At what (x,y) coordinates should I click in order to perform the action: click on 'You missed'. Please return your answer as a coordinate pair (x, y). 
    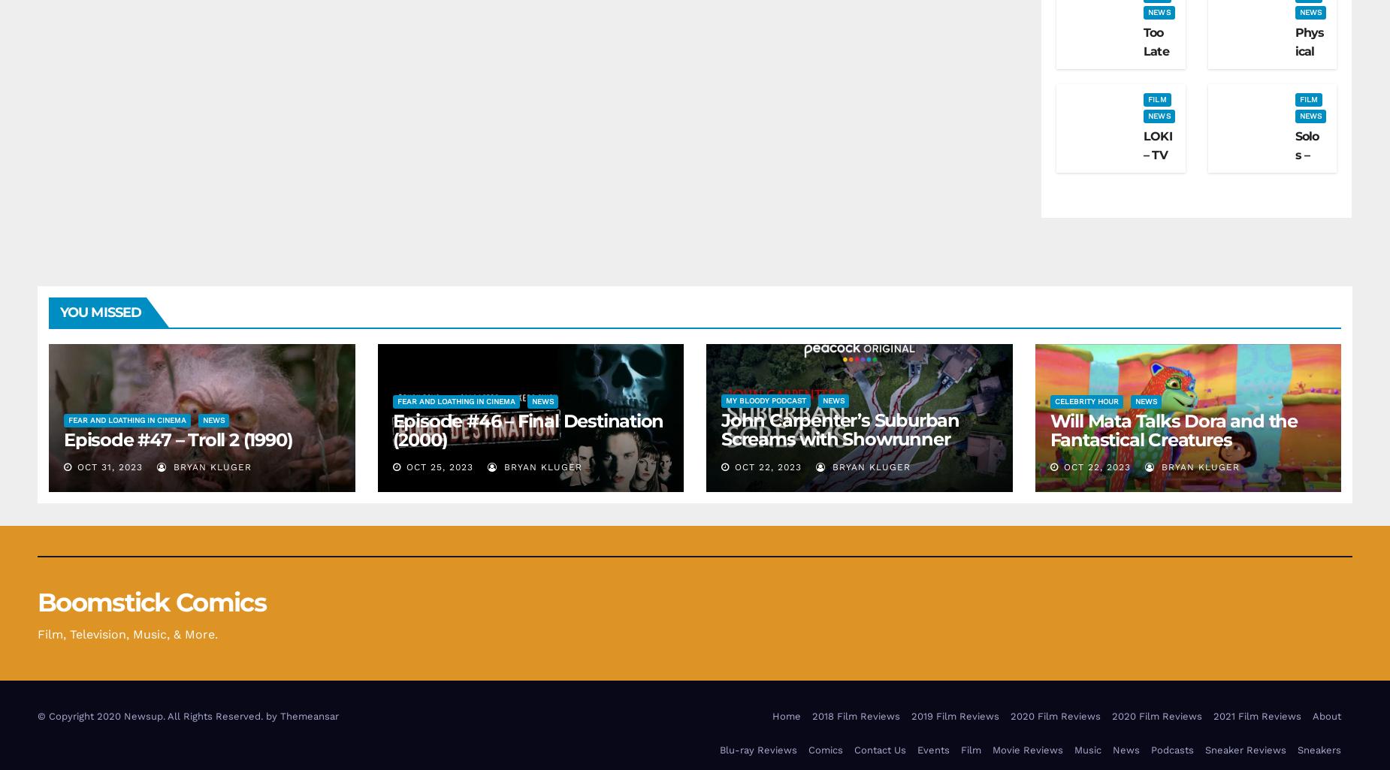
    Looking at the image, I should click on (99, 313).